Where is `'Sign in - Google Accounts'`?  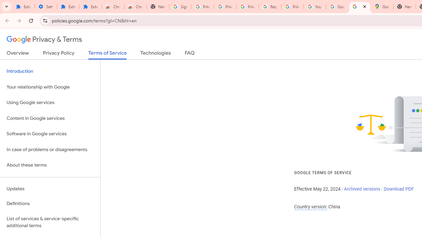 'Sign in - Google Accounts' is located at coordinates (180, 7).